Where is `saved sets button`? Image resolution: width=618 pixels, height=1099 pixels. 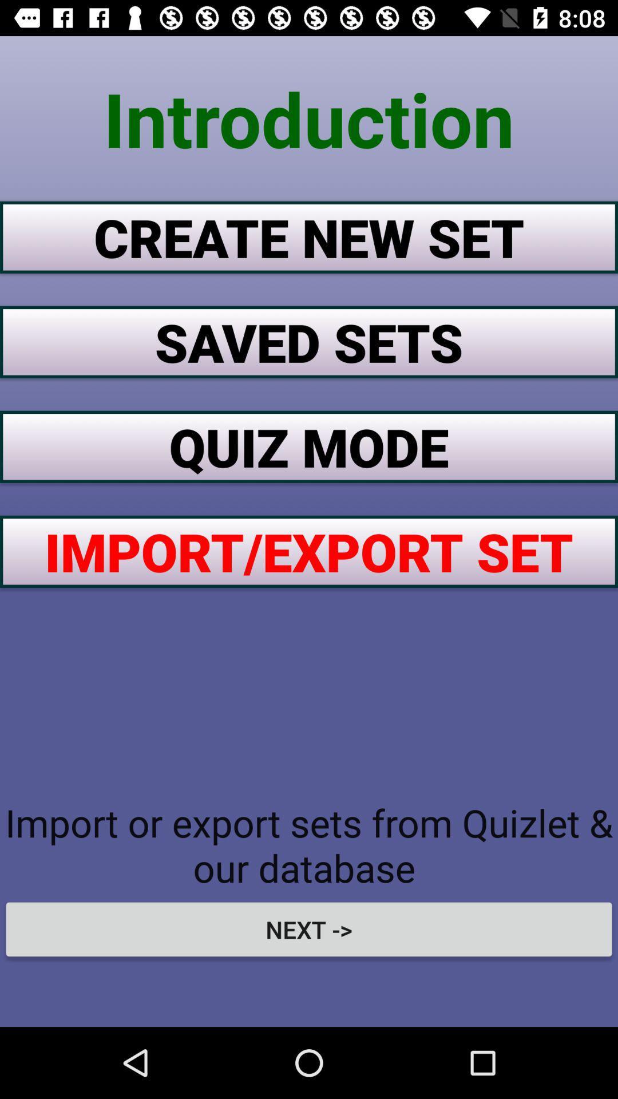
saved sets button is located at coordinates (309, 341).